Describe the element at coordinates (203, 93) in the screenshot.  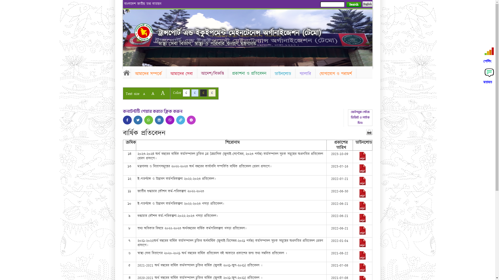
I see `'C'` at that location.